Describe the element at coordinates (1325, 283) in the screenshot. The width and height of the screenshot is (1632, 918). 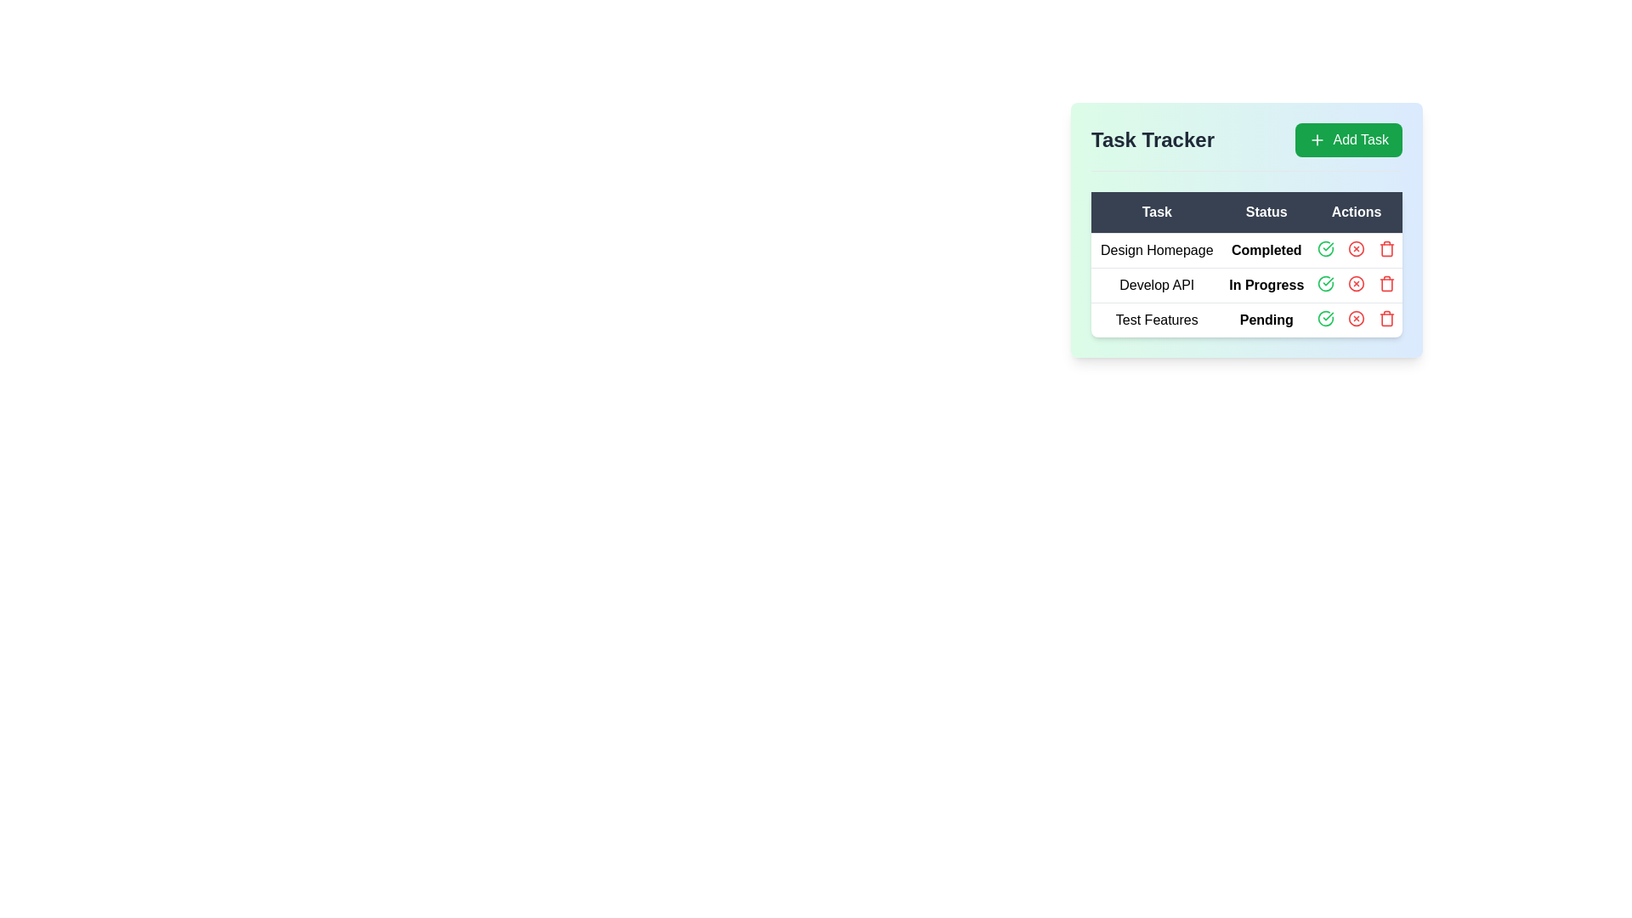
I see `the state of the graphical checkmark icon that signifies completed or verified actions, located in the second row of the 'Actions' column in the task tracker interface` at that location.